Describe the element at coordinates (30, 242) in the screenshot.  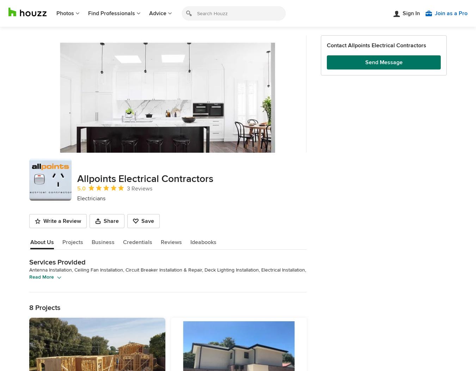
I see `'About Us'` at that location.